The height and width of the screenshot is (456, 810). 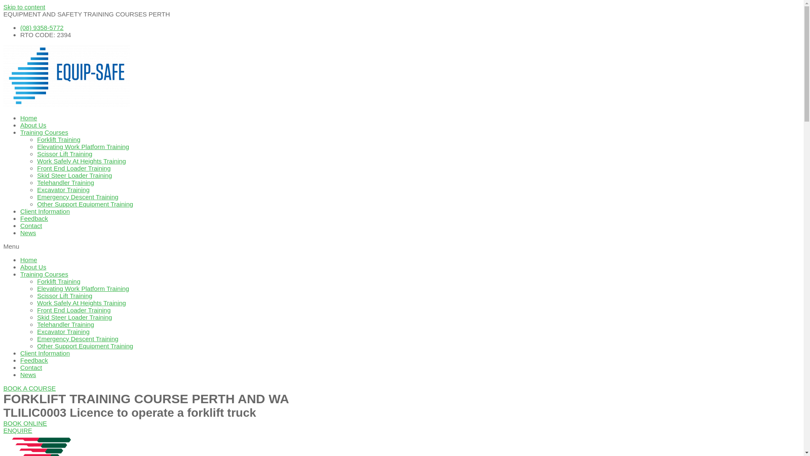 What do you see at coordinates (83, 288) in the screenshot?
I see `'Elevating Work Platform Training'` at bounding box center [83, 288].